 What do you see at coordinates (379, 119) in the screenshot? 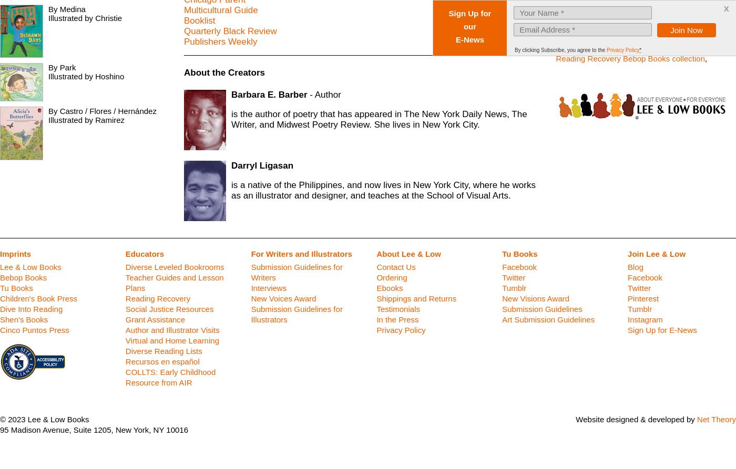
I see `'is the author of poetry that has appeared in The New York Daily News, The Writer, and Midwest Poetry Review.  She lives in New York City.'` at bounding box center [379, 119].